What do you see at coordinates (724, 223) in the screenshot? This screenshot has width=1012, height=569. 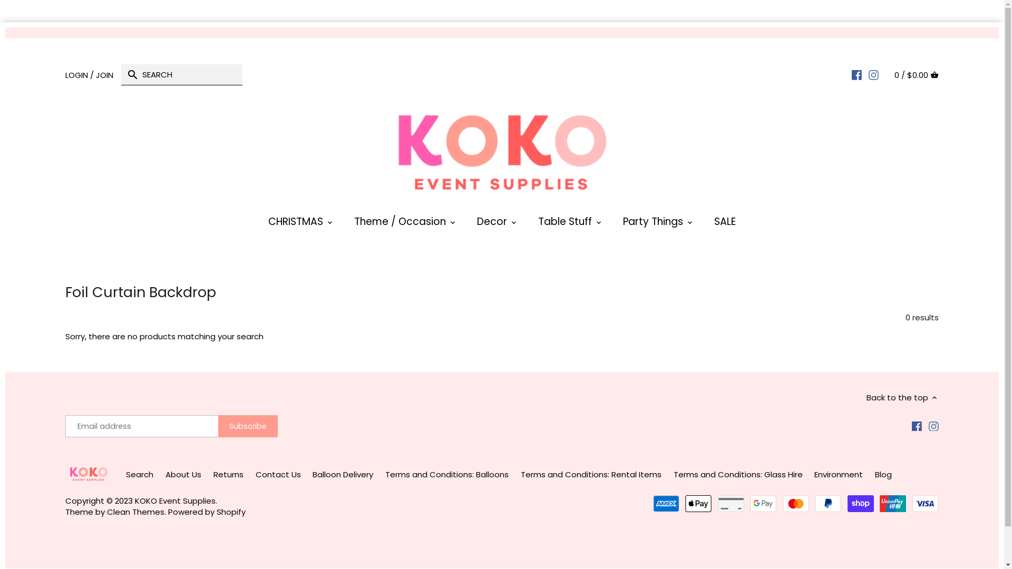 I see `'SALE'` at bounding box center [724, 223].